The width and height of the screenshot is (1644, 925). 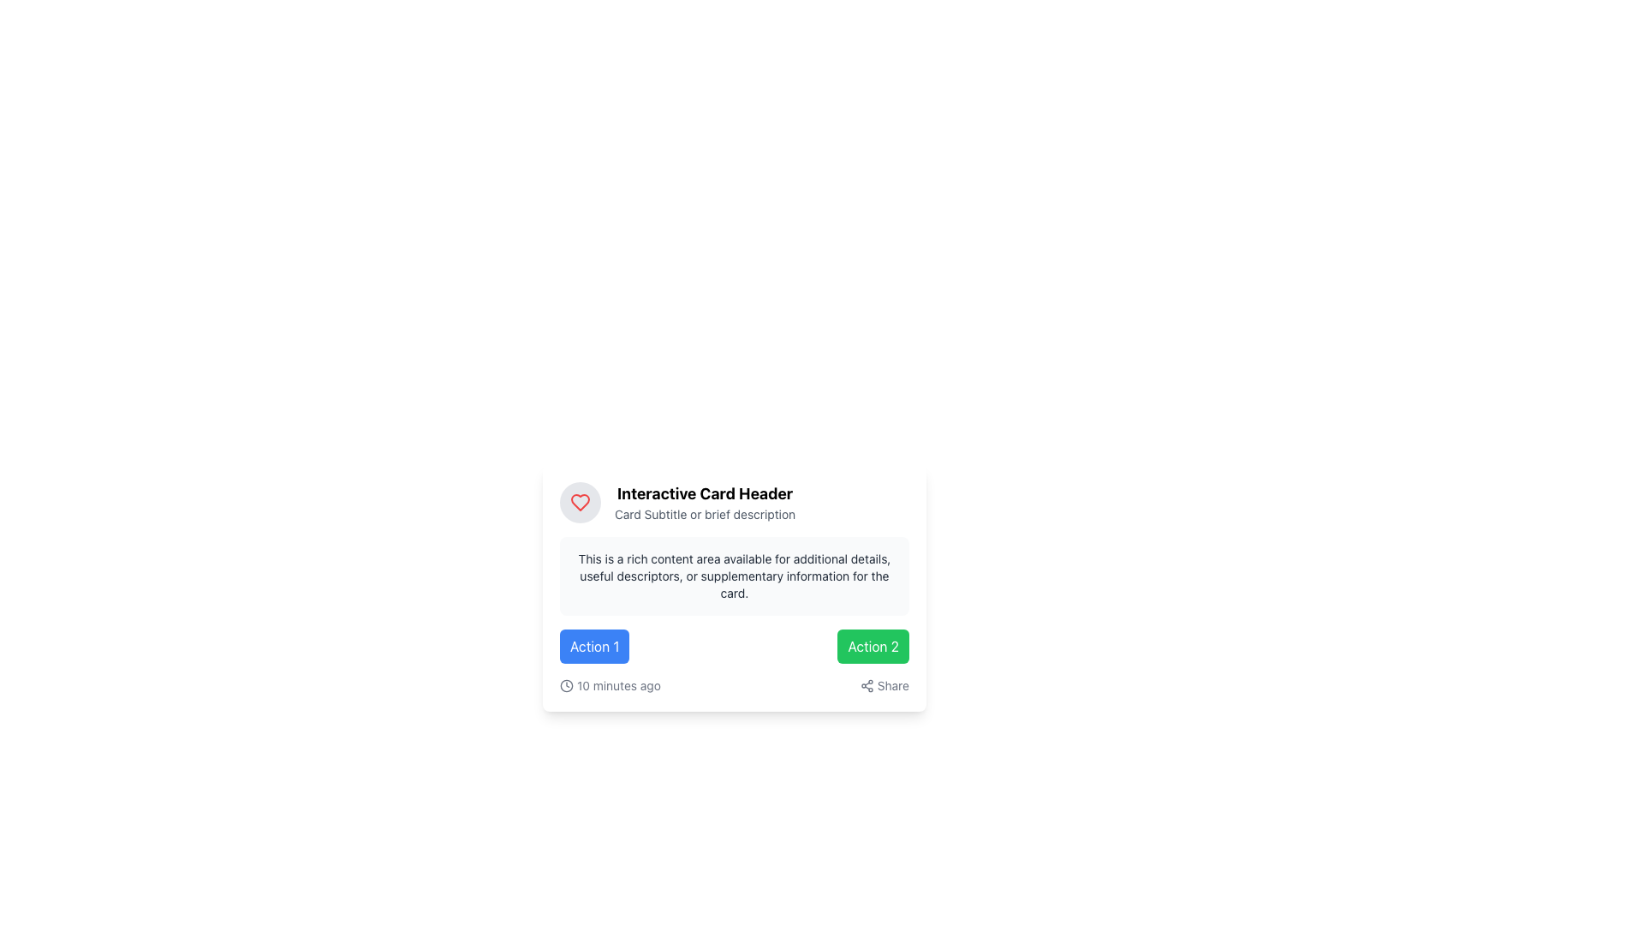 I want to click on text content of the Text Label located in the header section of the card layout, positioned at the top-left corner above the subtitle, so click(x=705, y=494).